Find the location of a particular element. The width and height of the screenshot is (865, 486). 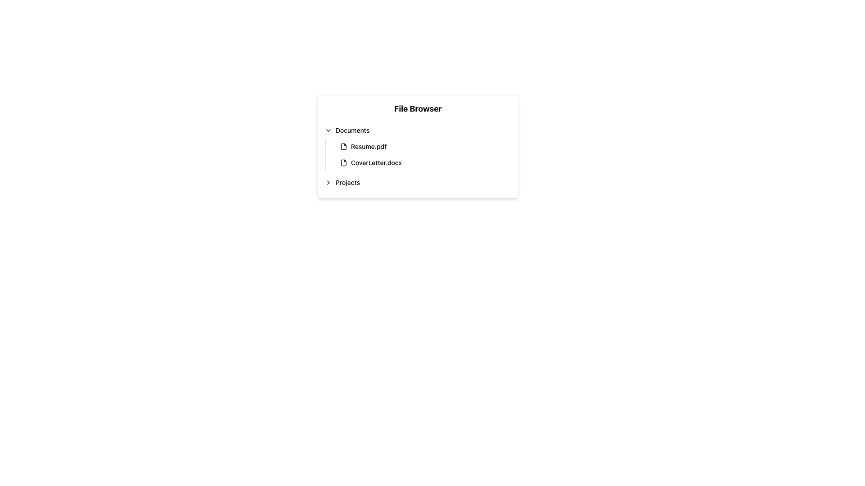

the text label displaying the file name 'Resume.pdf' to focus on it is located at coordinates (369, 146).